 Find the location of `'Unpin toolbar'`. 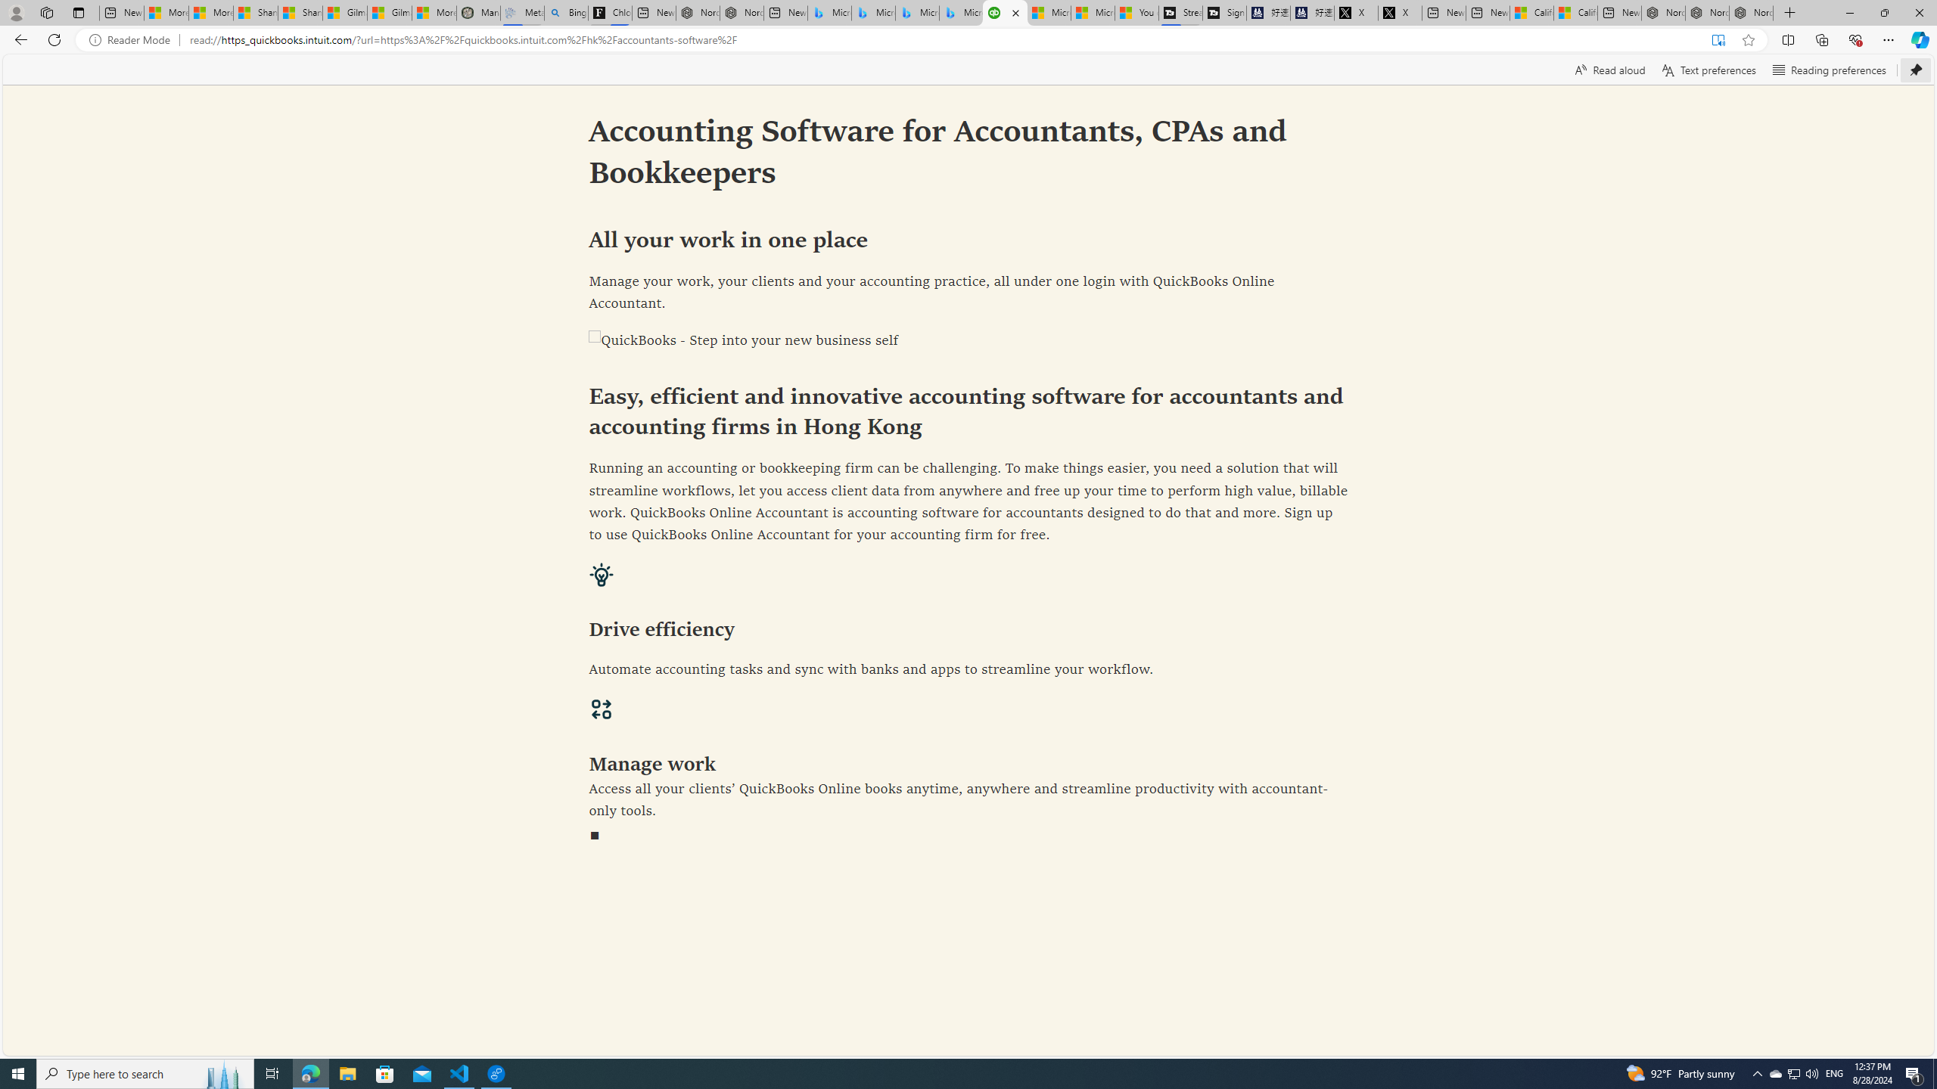

'Unpin toolbar' is located at coordinates (1915, 69).